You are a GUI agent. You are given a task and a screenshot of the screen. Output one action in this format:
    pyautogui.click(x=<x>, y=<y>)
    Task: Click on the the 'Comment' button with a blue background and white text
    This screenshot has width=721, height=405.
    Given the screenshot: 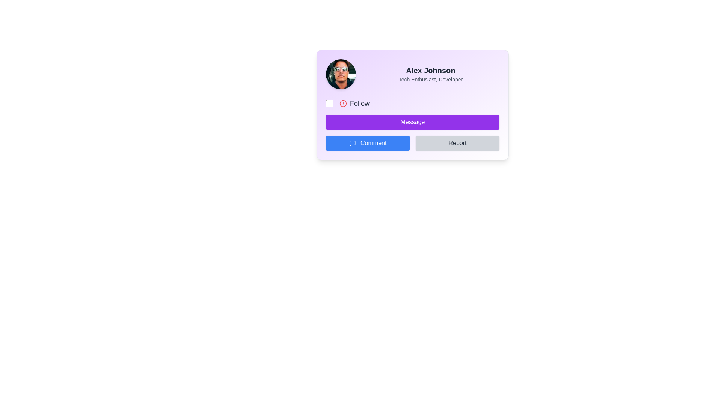 What is the action you would take?
    pyautogui.click(x=368, y=143)
    